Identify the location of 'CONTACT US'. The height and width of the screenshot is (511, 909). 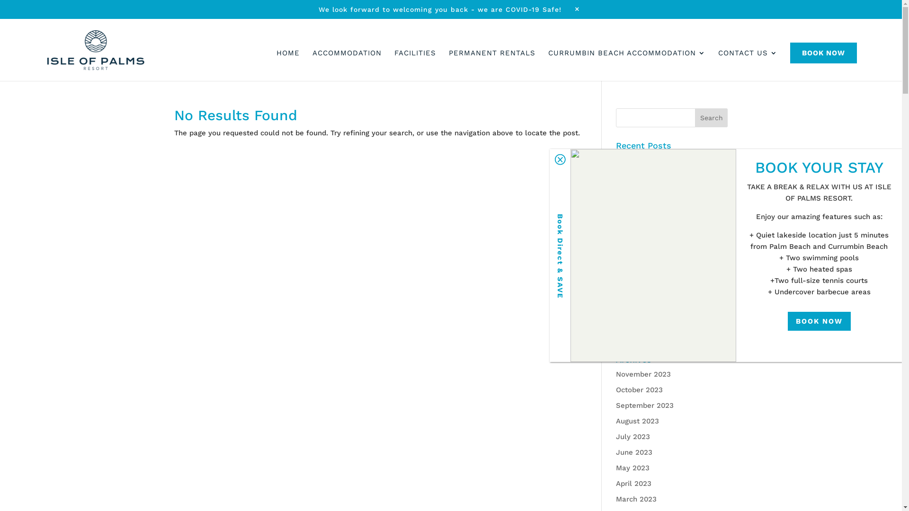
(747, 58).